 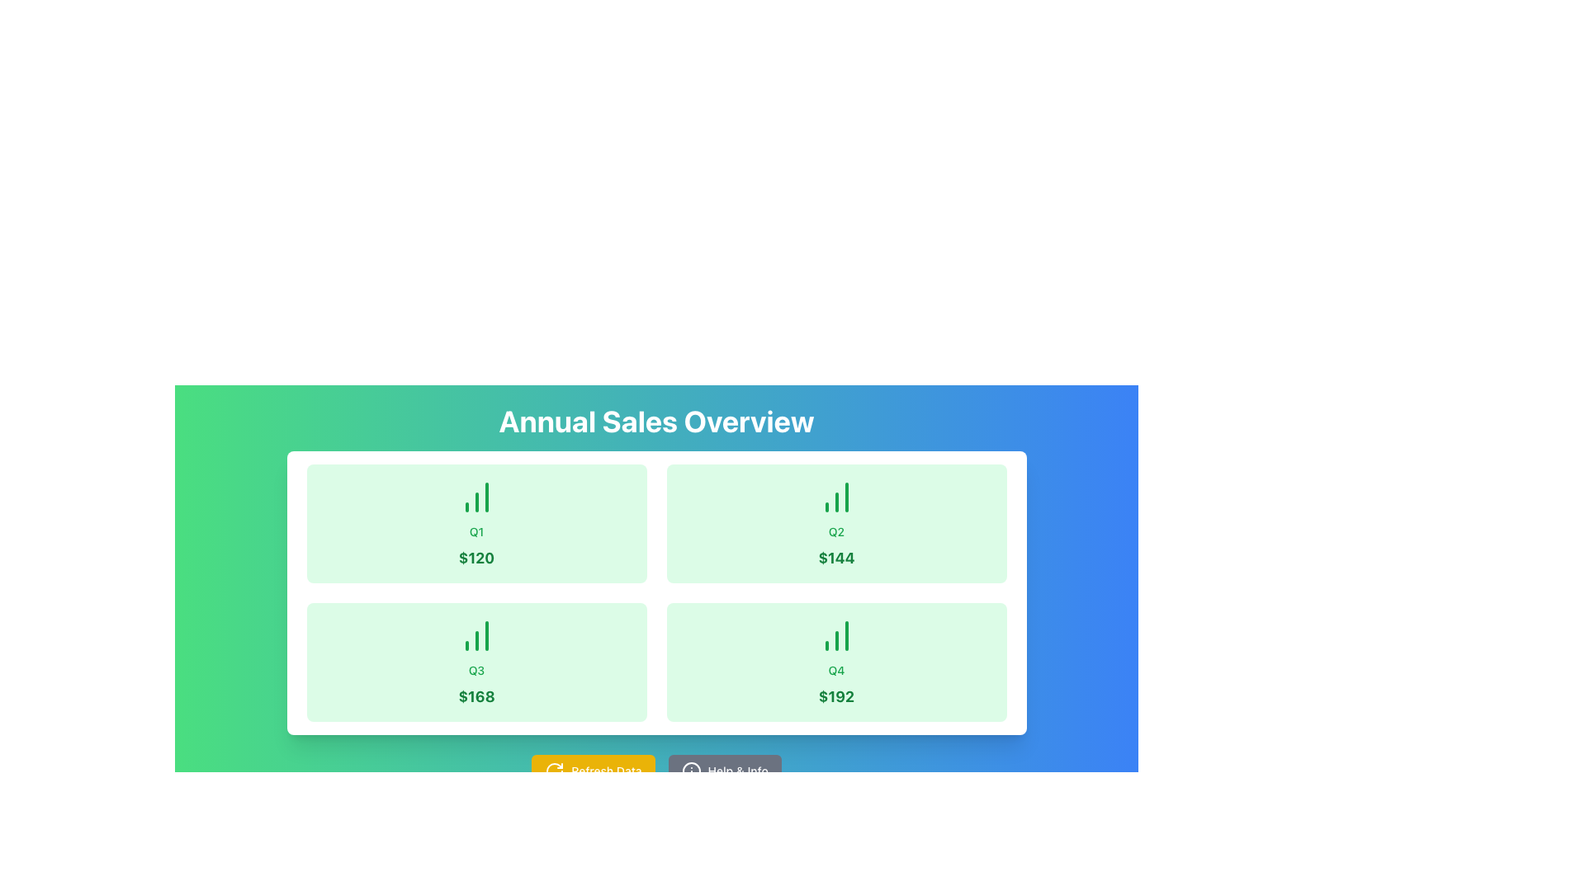 I want to click on the circular icon with a vertical line and small horizontal detail, located to the left of the 'Help & Info' text in the button at the bottom-right corner, so click(x=691, y=771).